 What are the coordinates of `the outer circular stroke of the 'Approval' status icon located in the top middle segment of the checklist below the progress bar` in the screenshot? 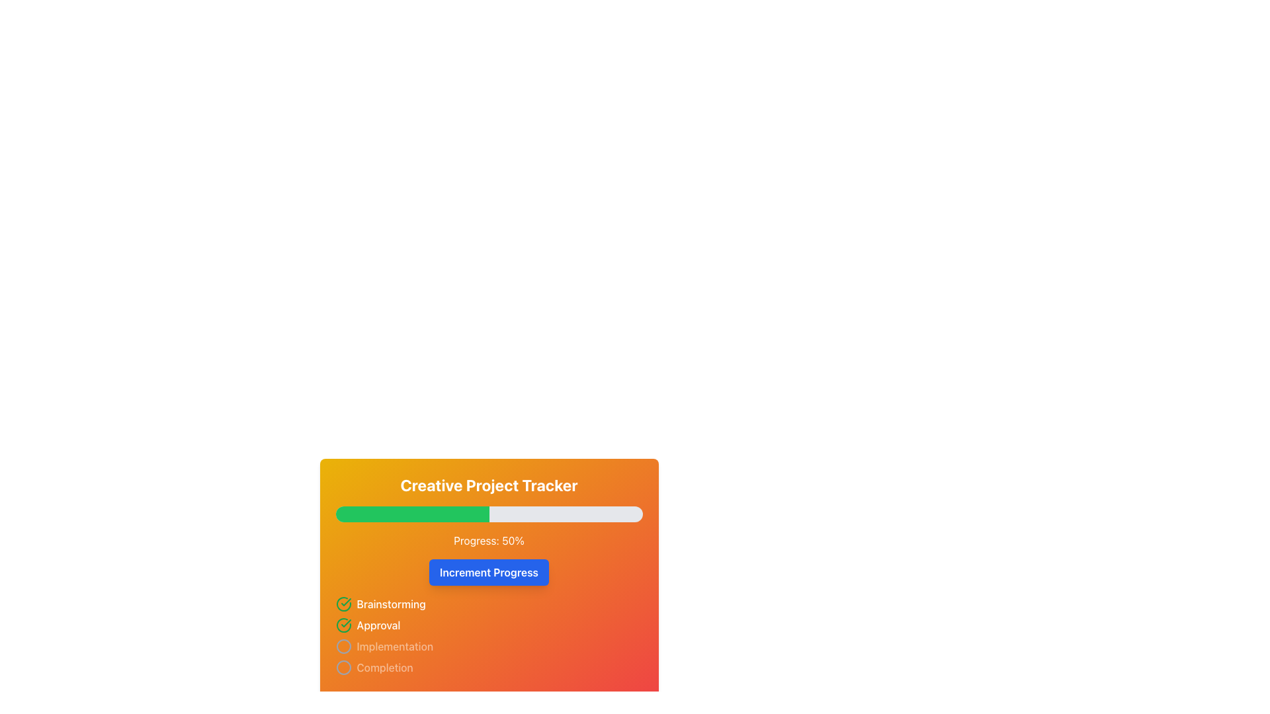 It's located at (343, 604).